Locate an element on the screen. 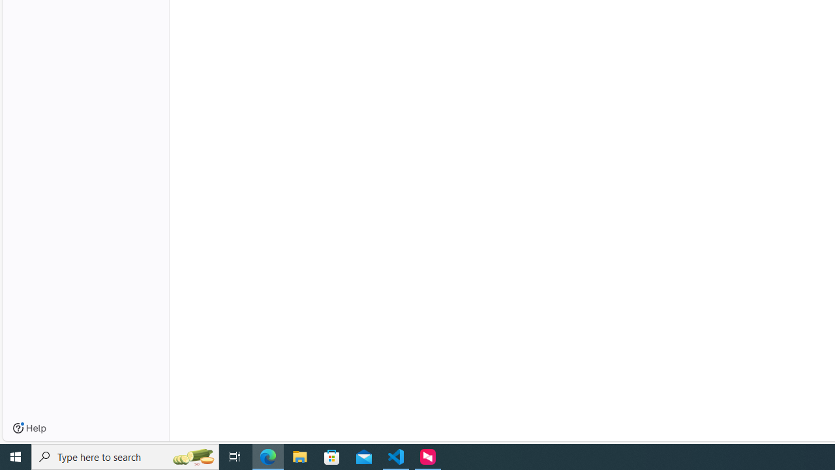  'Microsoft Edge - 1 running window' is located at coordinates (267, 456).